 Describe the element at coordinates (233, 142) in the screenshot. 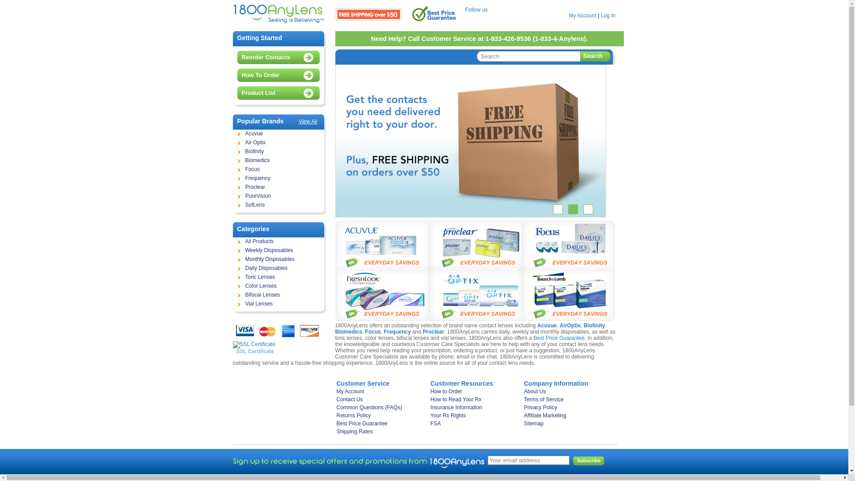

I see `'Air Optix'` at that location.